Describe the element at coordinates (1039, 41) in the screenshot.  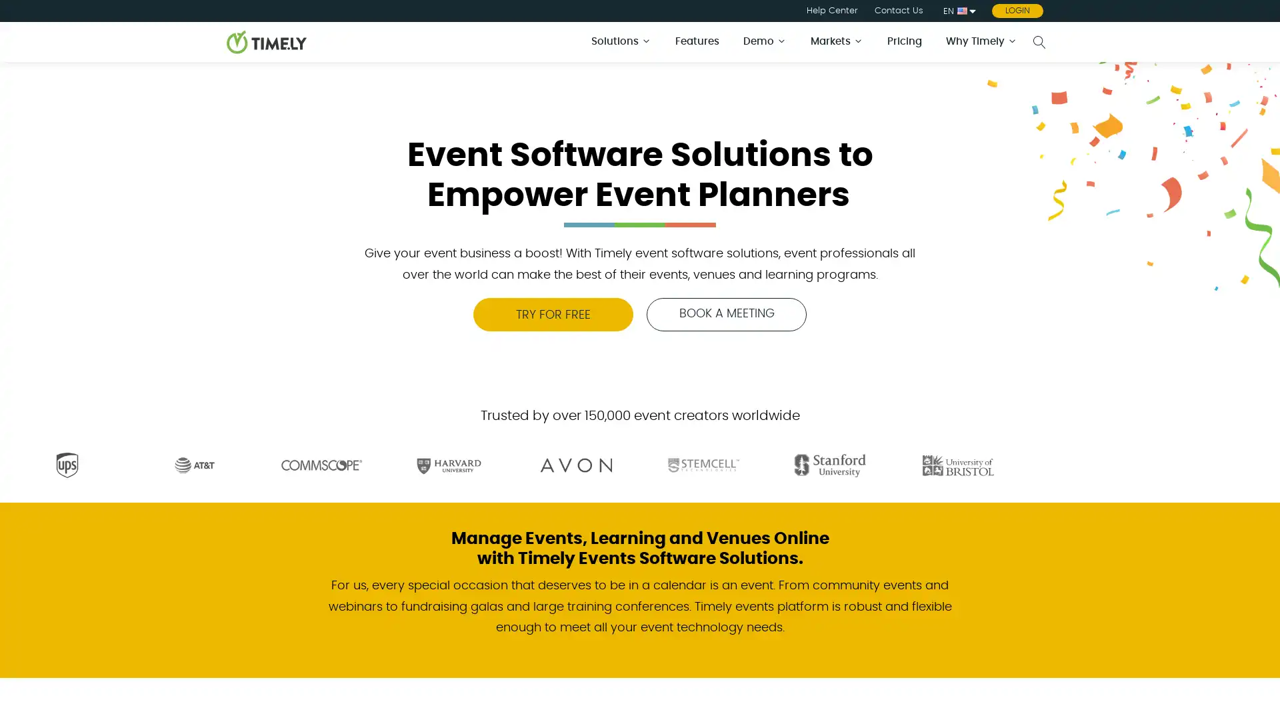
I see `Open search` at that location.